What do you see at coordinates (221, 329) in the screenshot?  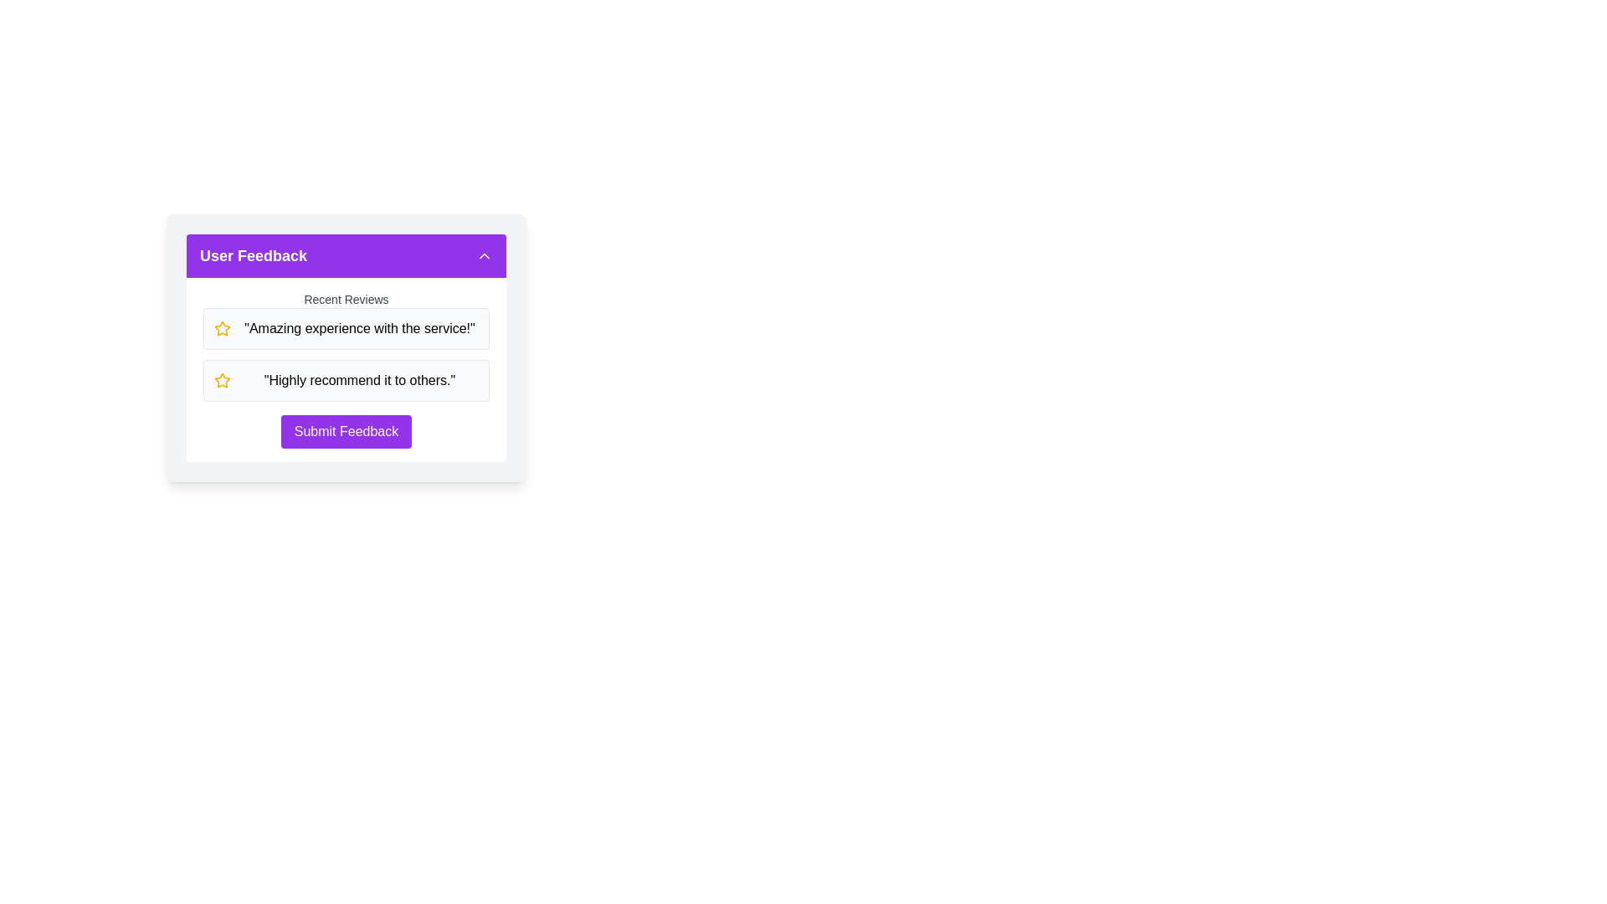 I see `the star icon representing the rating for the review 'Amazing experience with the service!', located in the first row of entries at the top of the review section` at bounding box center [221, 329].